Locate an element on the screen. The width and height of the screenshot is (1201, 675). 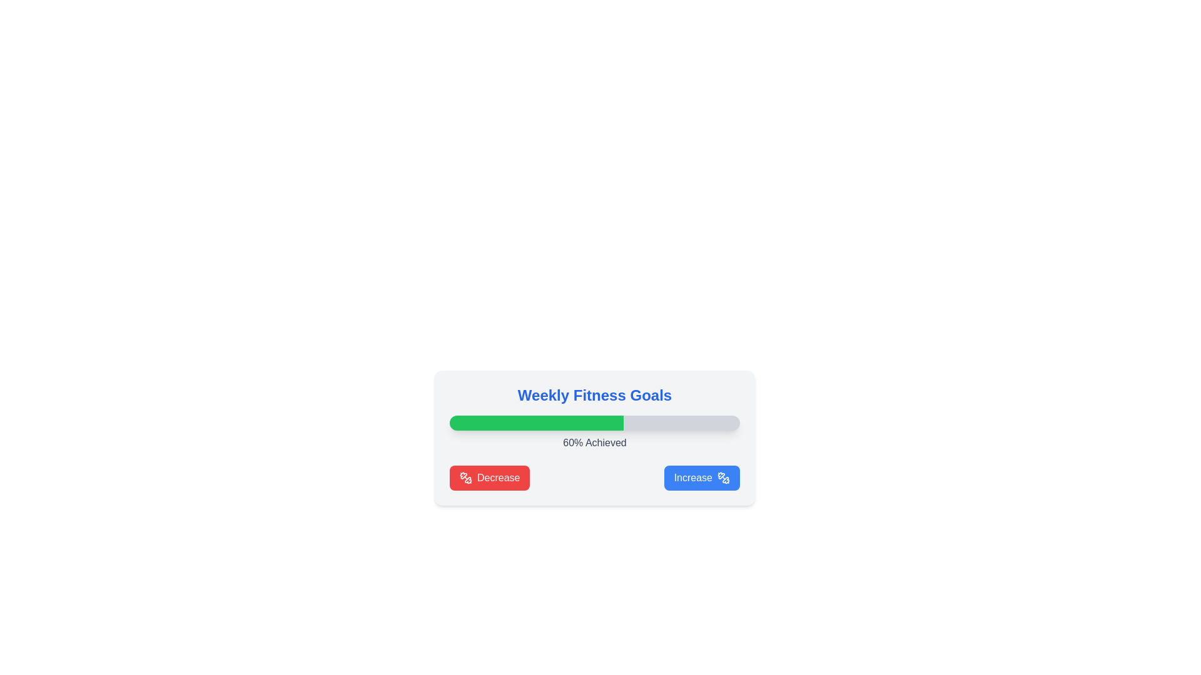
the text label that displays the progress percentage, located beneath the progress bar, between the 'Decrease' and 'Increase' buttons is located at coordinates (594, 442).